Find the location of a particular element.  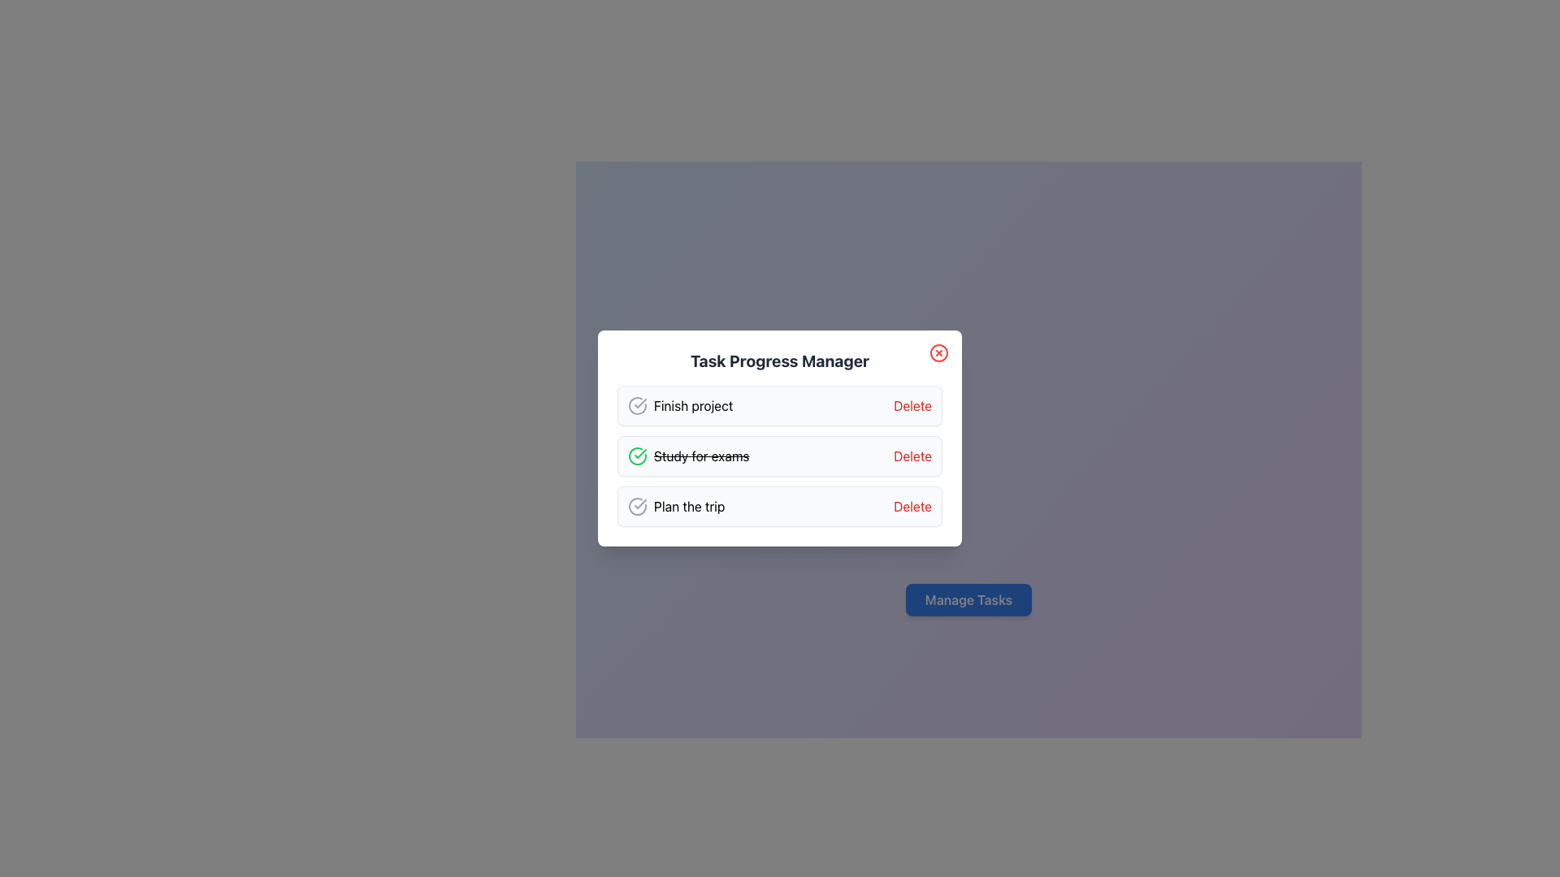

the text label displaying 'Plan the trip', which is the third entry in the vertical list of tasks in the 'Task Progress Manager' dialog box is located at coordinates (689, 506).